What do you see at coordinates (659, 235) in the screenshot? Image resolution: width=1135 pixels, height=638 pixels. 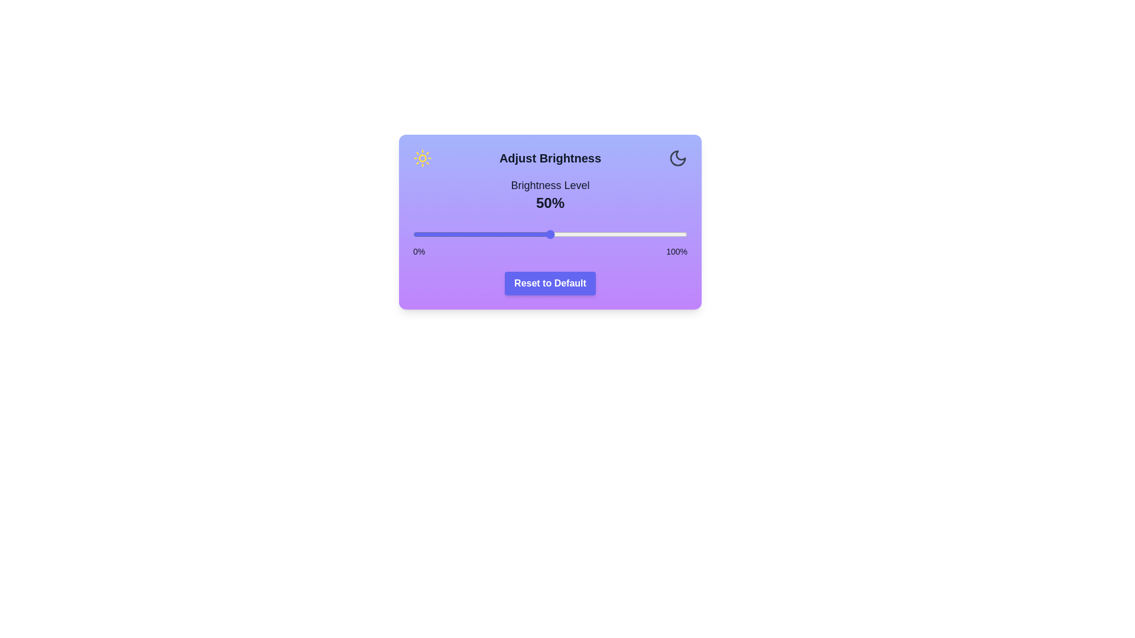 I see `the brightness slider to 90%` at bounding box center [659, 235].